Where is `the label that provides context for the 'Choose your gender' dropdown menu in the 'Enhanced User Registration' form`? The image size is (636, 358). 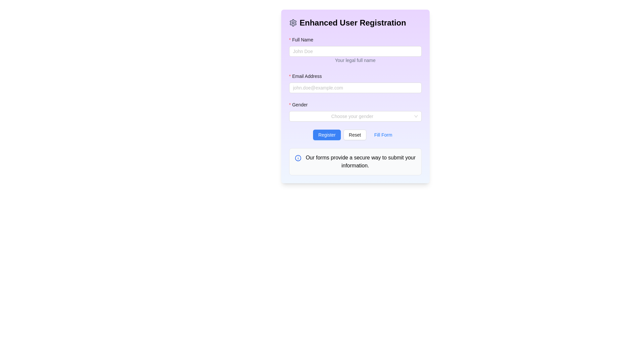
the label that provides context for the 'Choose your gender' dropdown menu in the 'Enhanced User Registration' form is located at coordinates (300, 104).